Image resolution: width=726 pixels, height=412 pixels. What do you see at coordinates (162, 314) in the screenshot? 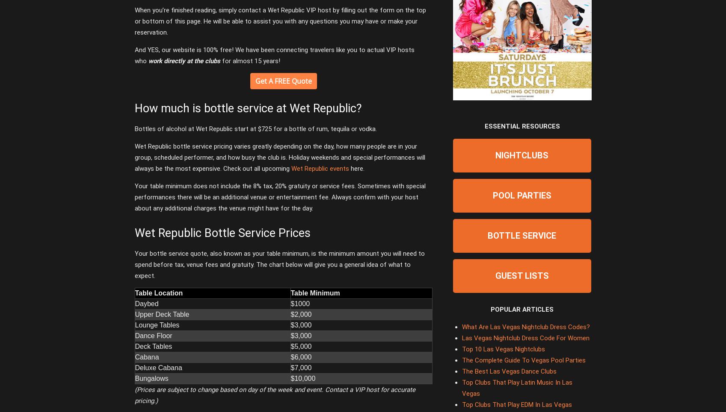
I see `'Upper Deck Table'` at bounding box center [162, 314].